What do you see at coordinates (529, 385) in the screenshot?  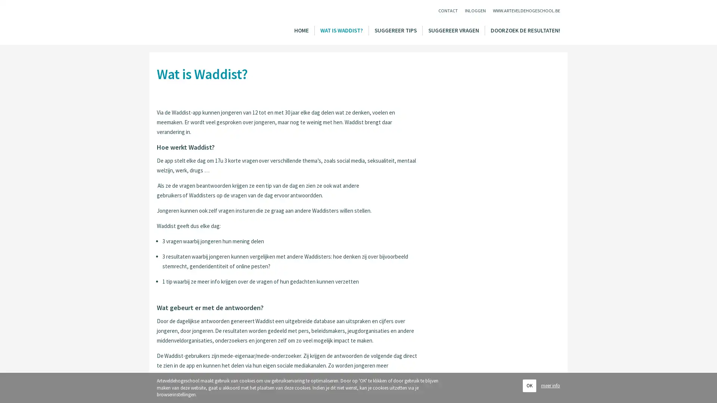 I see `OK` at bounding box center [529, 385].